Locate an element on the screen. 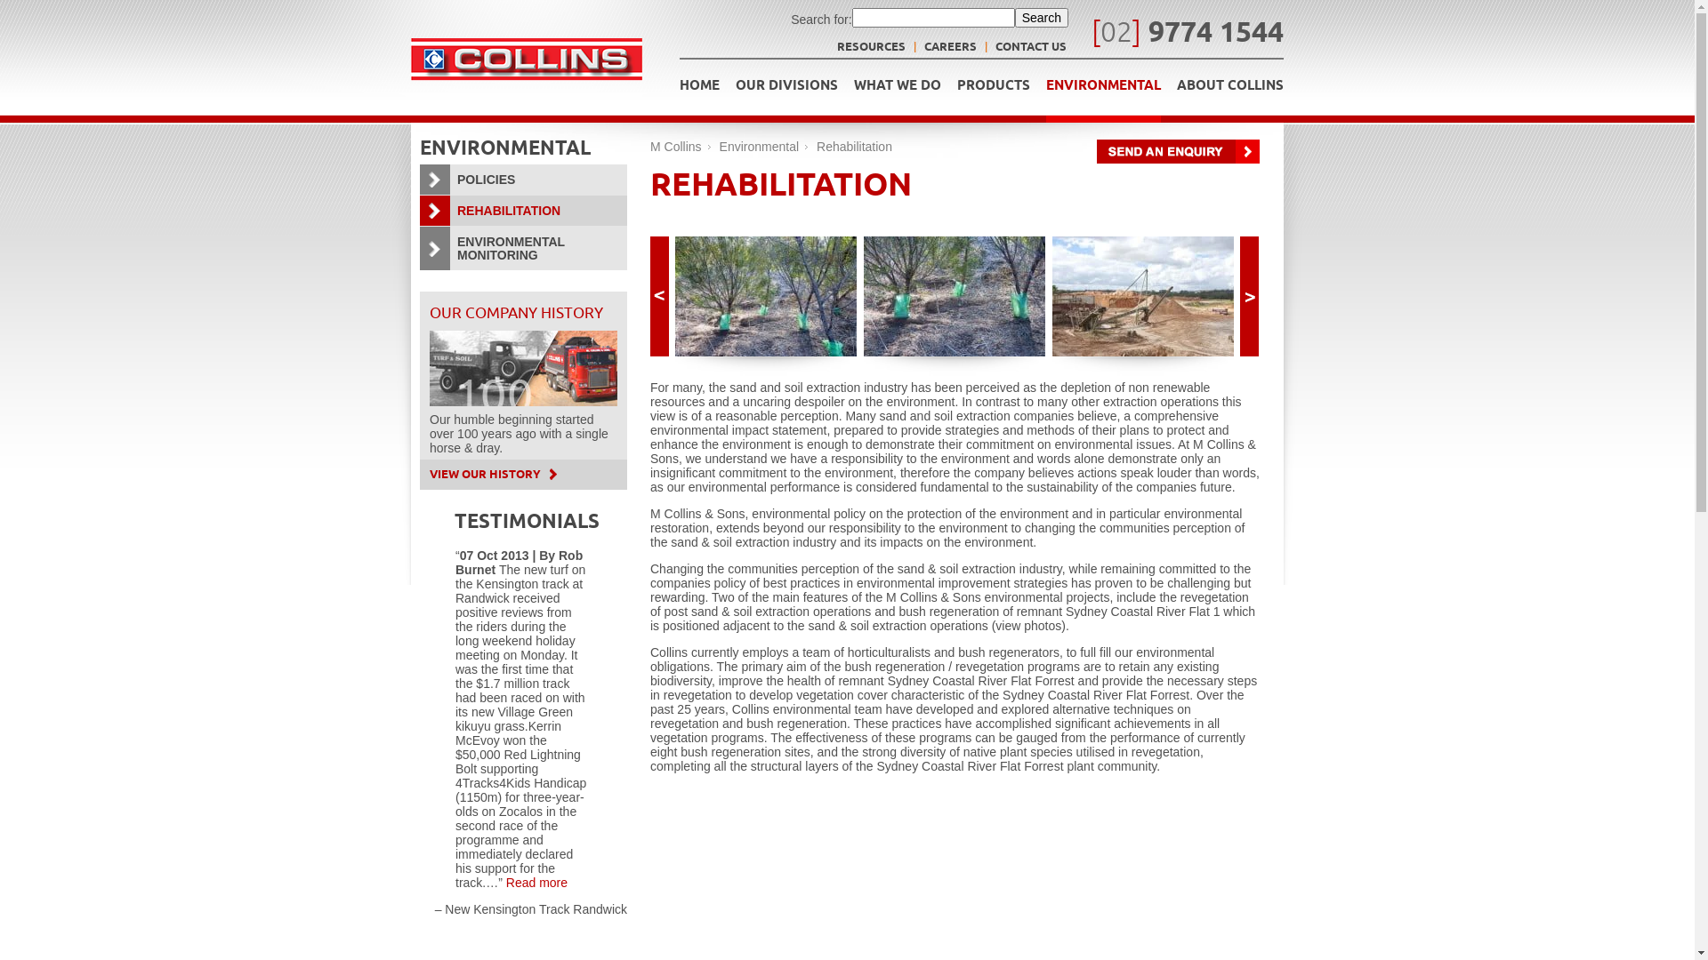 The height and width of the screenshot is (960, 1708). 'Read more' is located at coordinates (536, 882).